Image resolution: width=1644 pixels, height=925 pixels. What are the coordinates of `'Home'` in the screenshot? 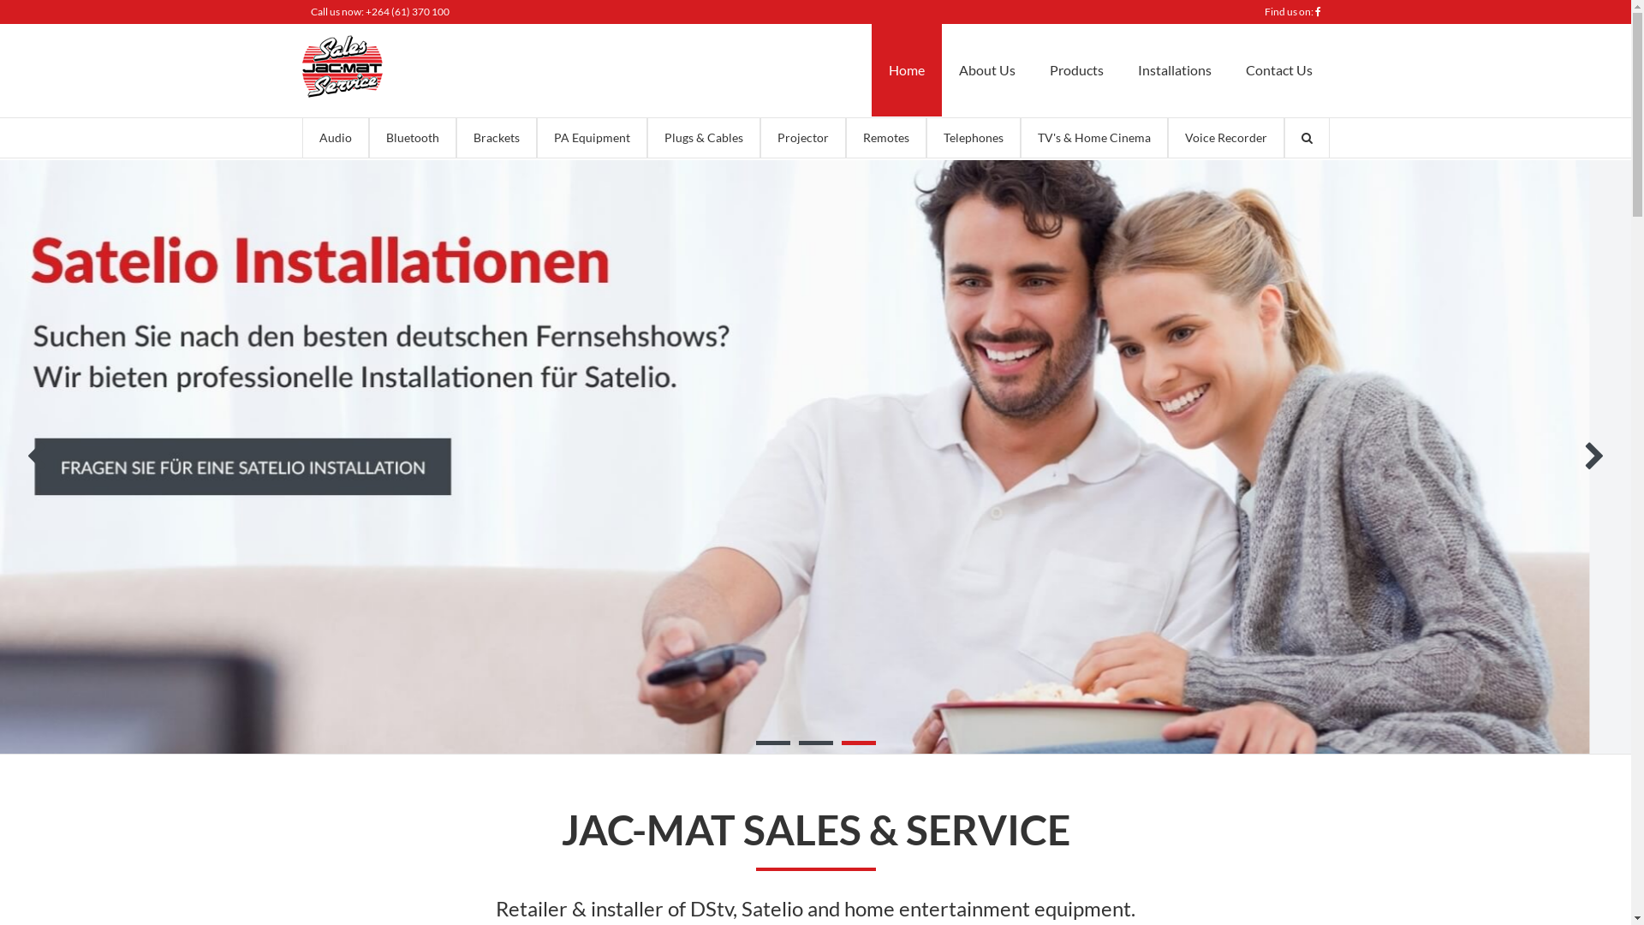 It's located at (871, 69).